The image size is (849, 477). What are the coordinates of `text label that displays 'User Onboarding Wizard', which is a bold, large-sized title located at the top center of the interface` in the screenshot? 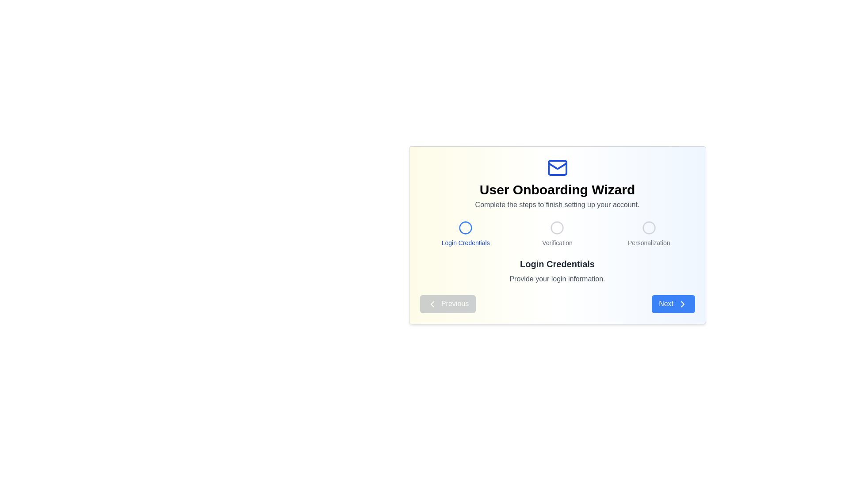 It's located at (557, 189).